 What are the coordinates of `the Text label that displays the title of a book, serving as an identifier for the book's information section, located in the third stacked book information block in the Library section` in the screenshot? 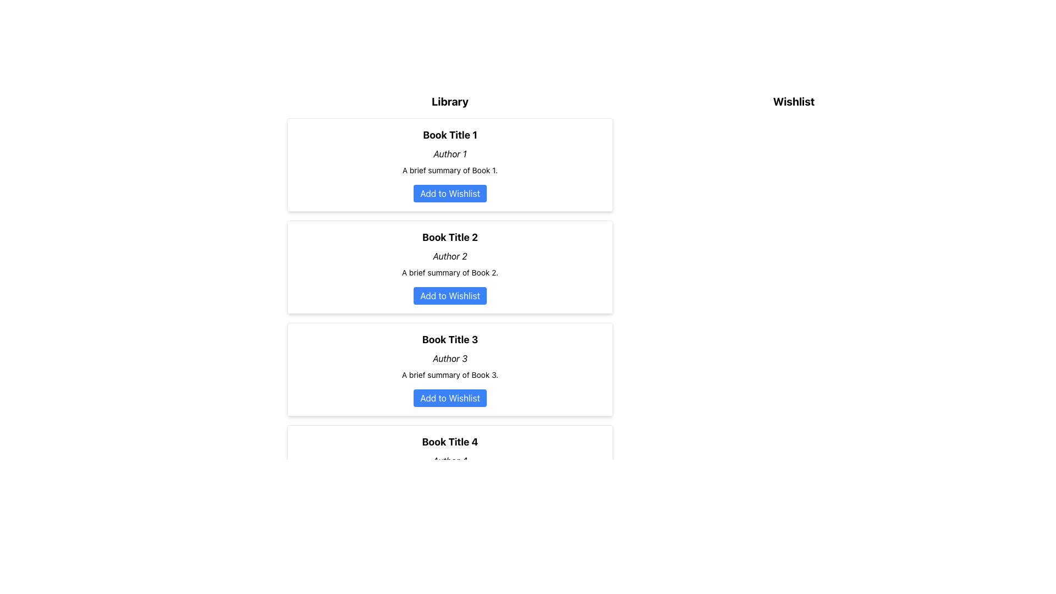 It's located at (450, 339).